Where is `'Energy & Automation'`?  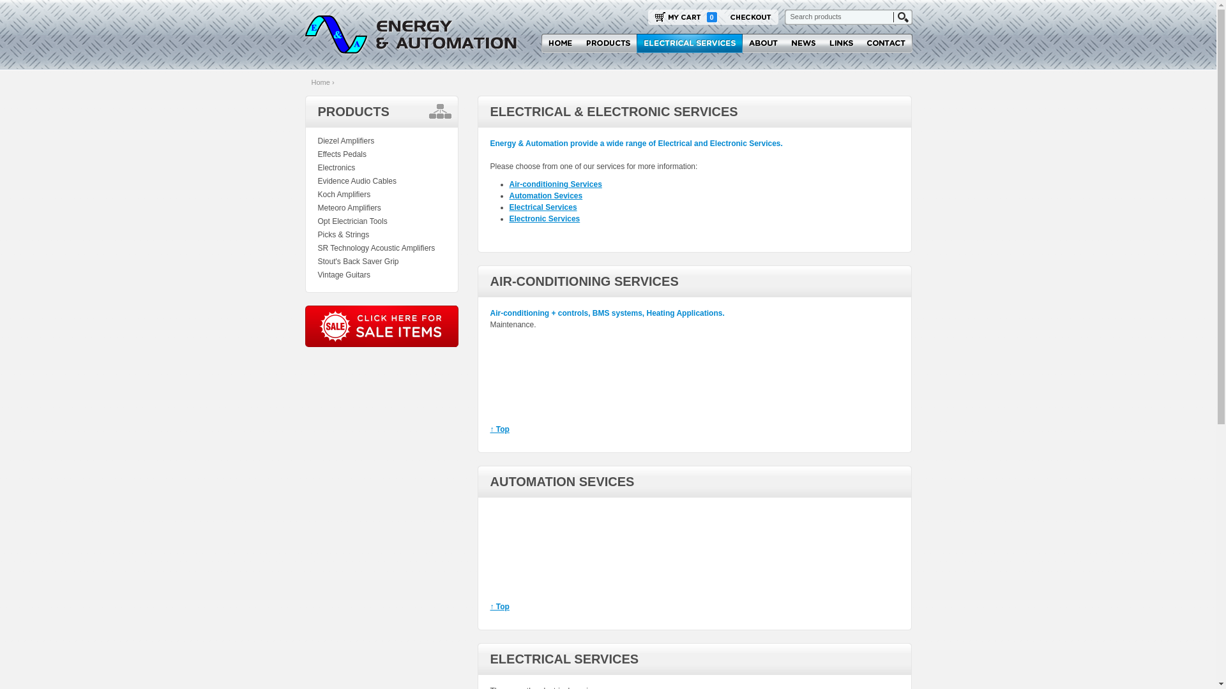 'Energy & Automation' is located at coordinates (411, 34).